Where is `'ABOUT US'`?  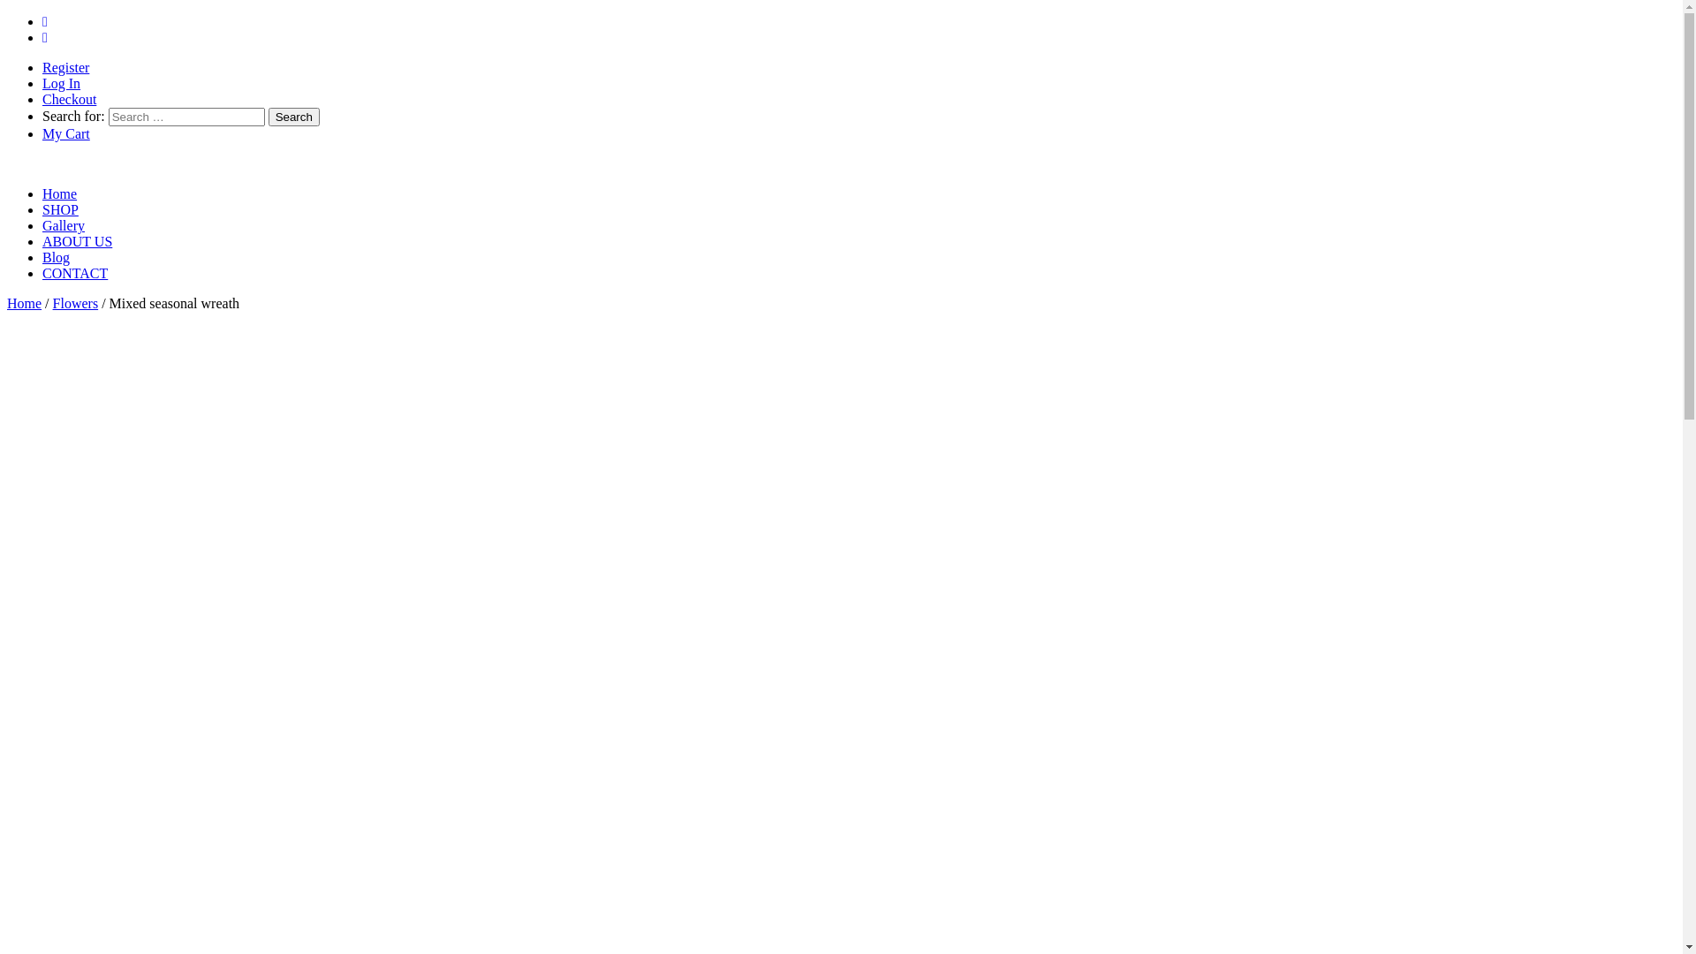 'ABOUT US' is located at coordinates (42, 241).